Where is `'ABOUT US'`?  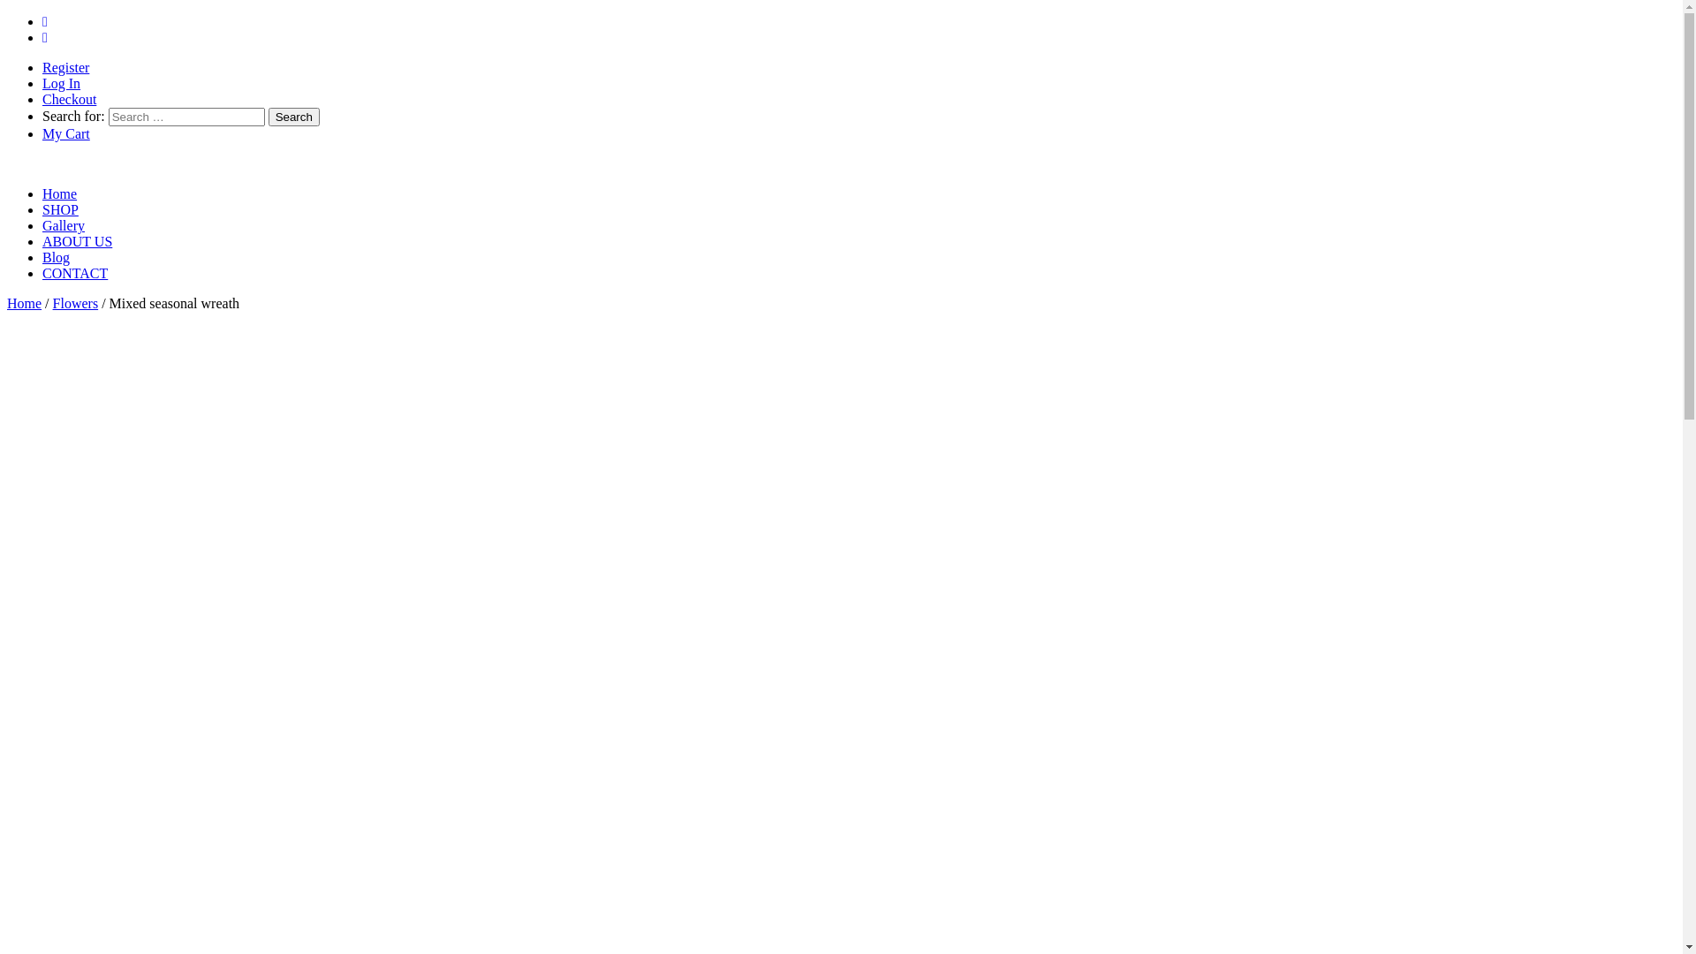 'ABOUT US' is located at coordinates (42, 241).